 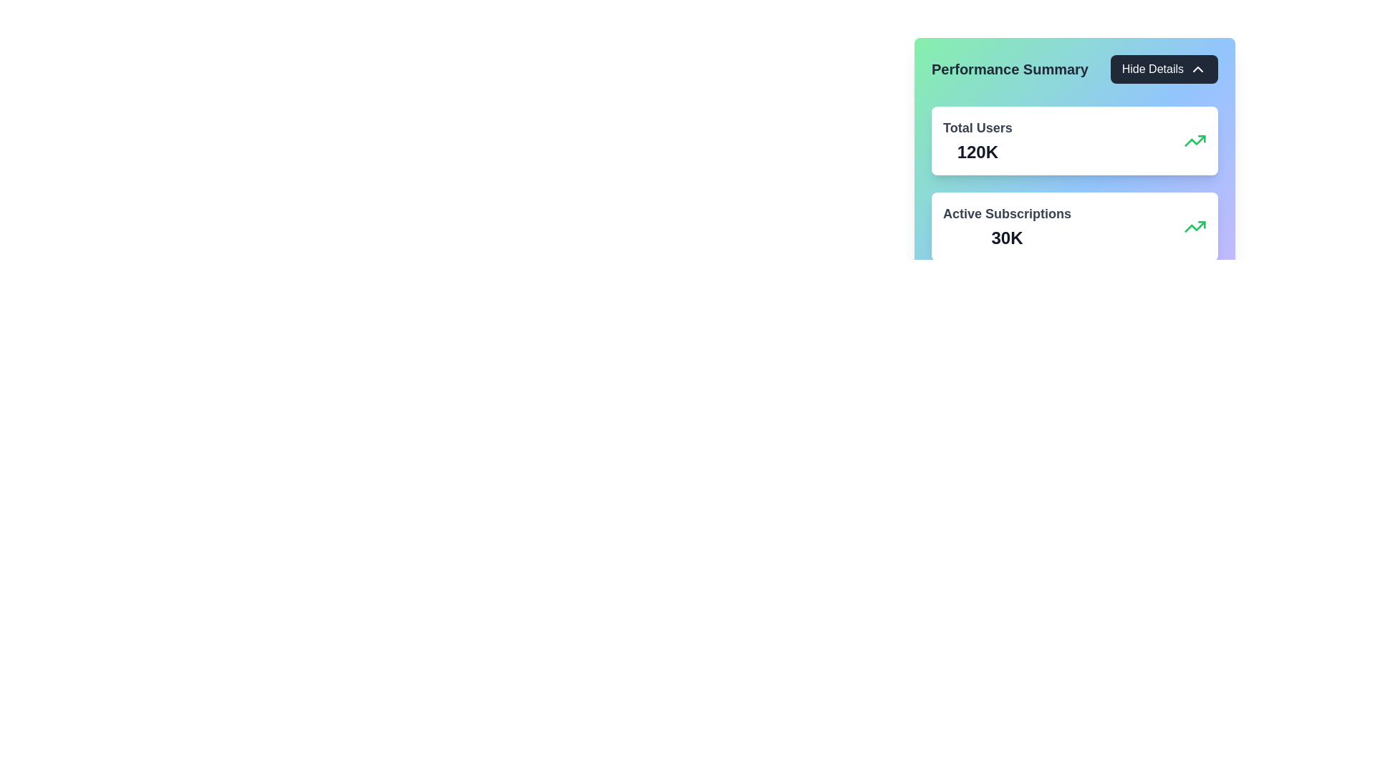 What do you see at coordinates (1195, 225) in the screenshot?
I see `the upward trend icon located in the bottom-right corner of the 'Active Subscriptions 30K' card, which signifies an increase in active subscriptions` at bounding box center [1195, 225].